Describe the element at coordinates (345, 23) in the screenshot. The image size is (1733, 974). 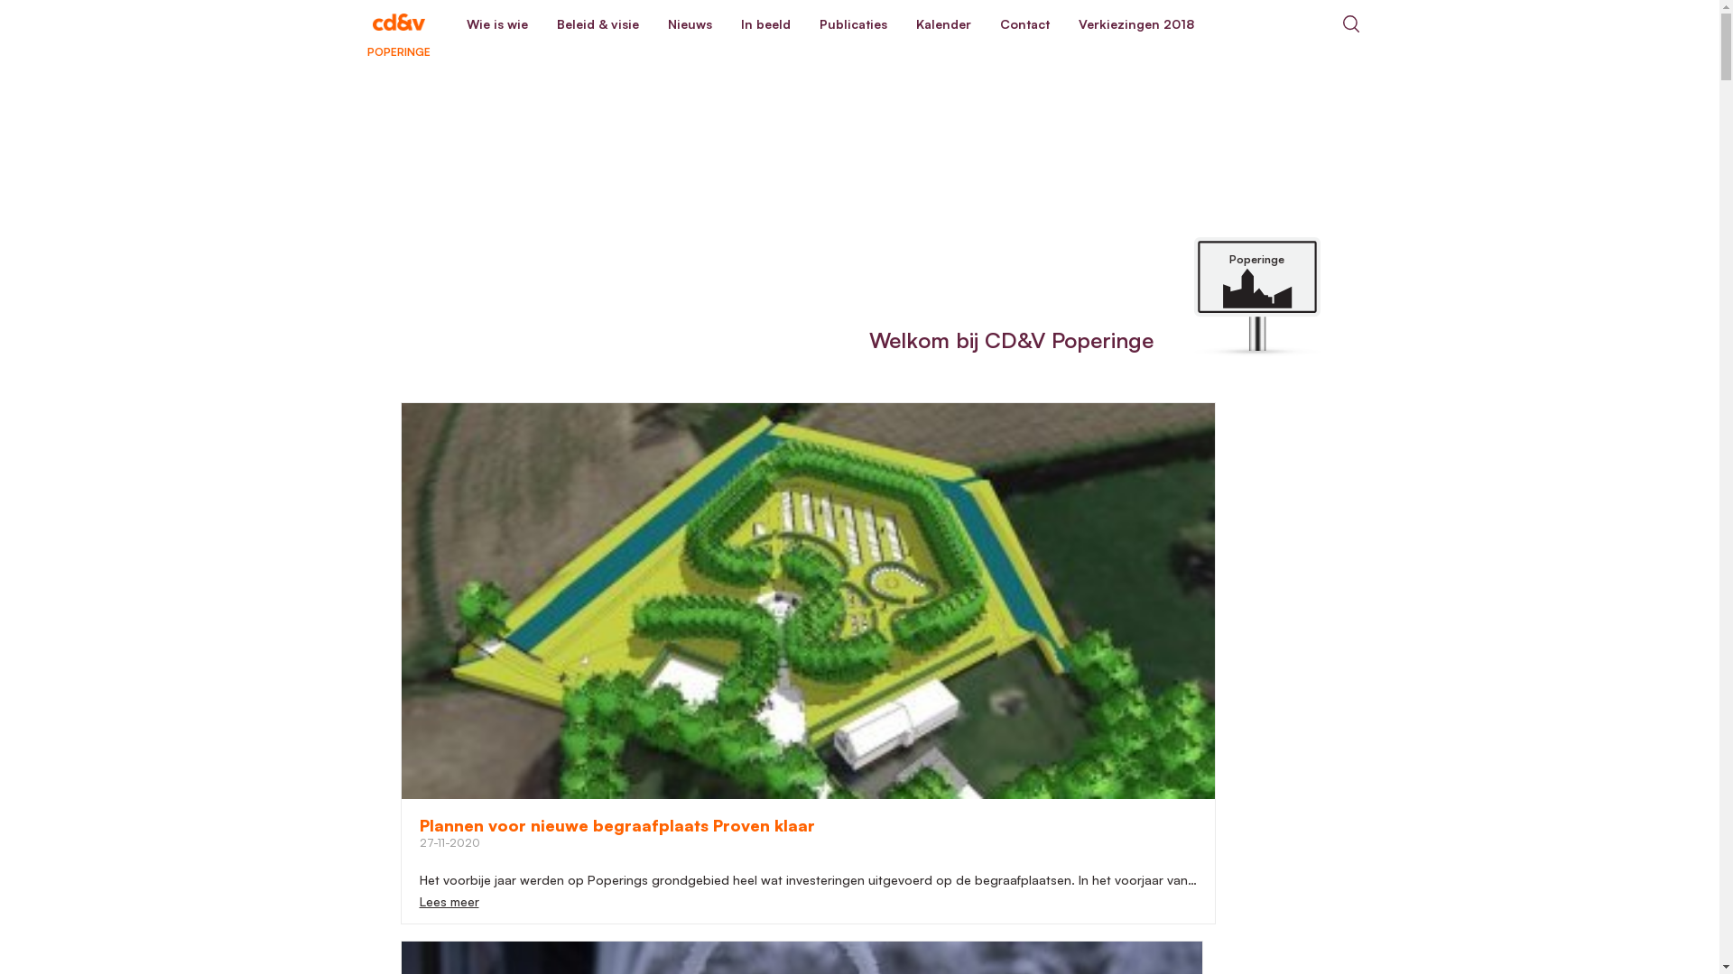
I see `'POPERINGE'` at that location.